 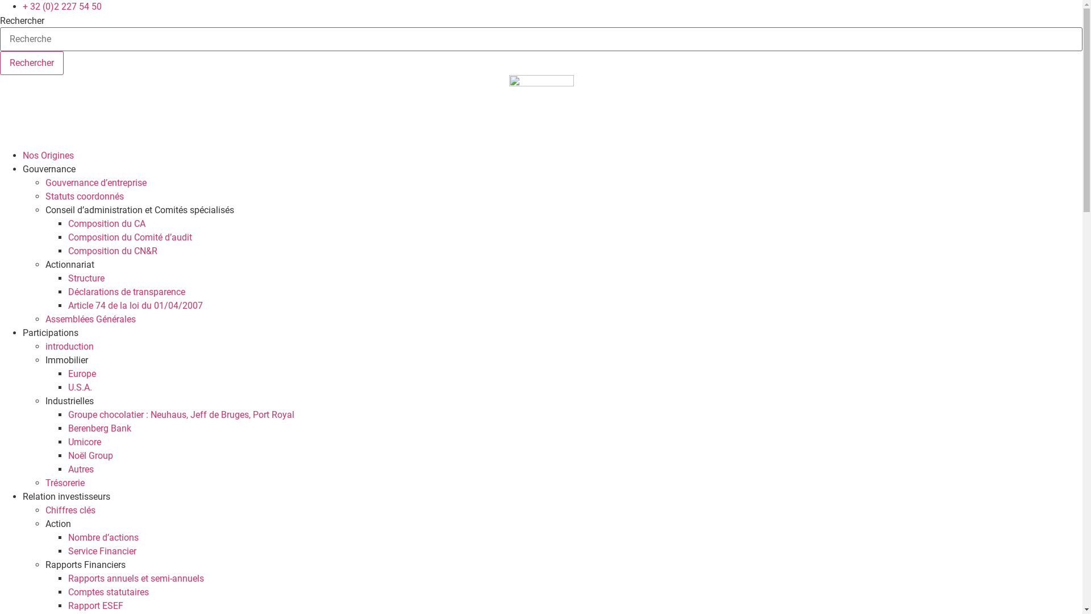 I want to click on 'Action', so click(x=57, y=524).